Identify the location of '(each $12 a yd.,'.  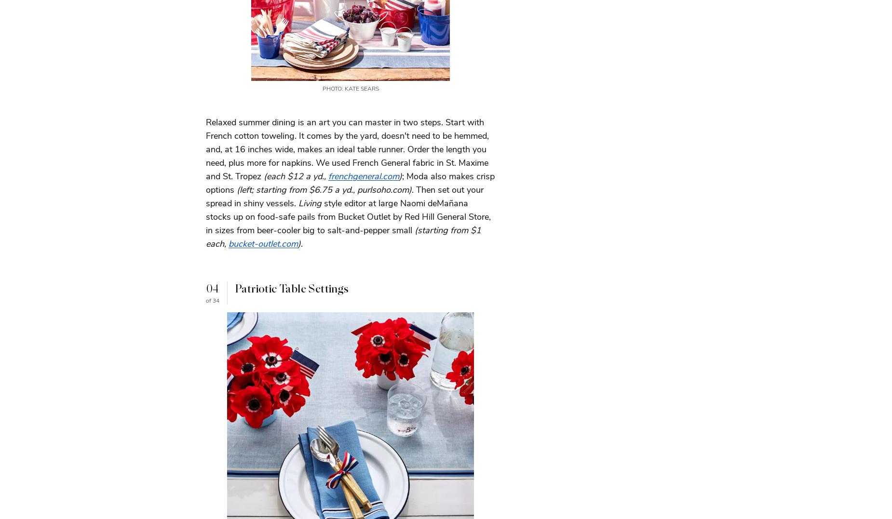
(296, 175).